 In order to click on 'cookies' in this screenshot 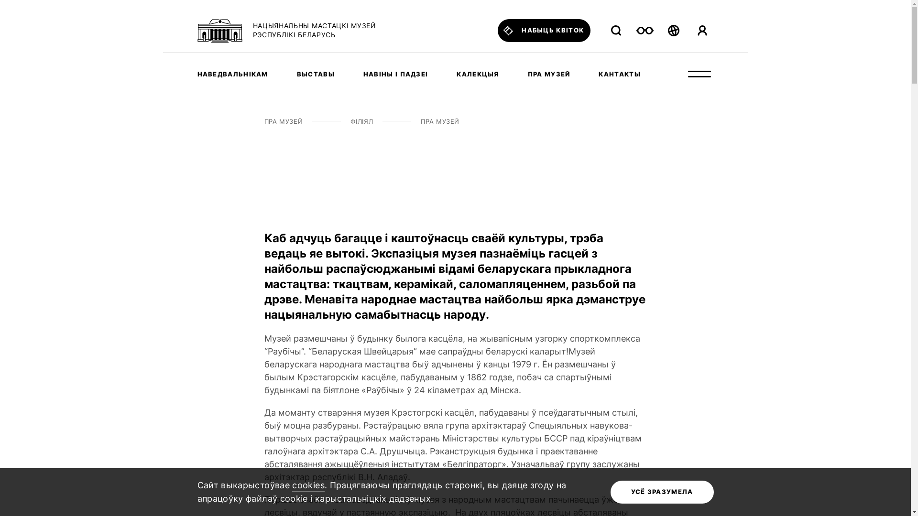, I will do `click(291, 486)`.